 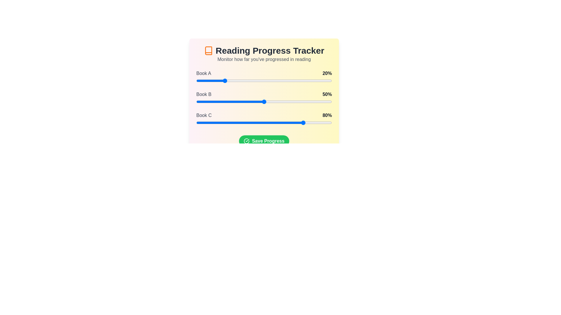 What do you see at coordinates (292, 81) in the screenshot?
I see `the slider for a book to set its progress to 71%` at bounding box center [292, 81].